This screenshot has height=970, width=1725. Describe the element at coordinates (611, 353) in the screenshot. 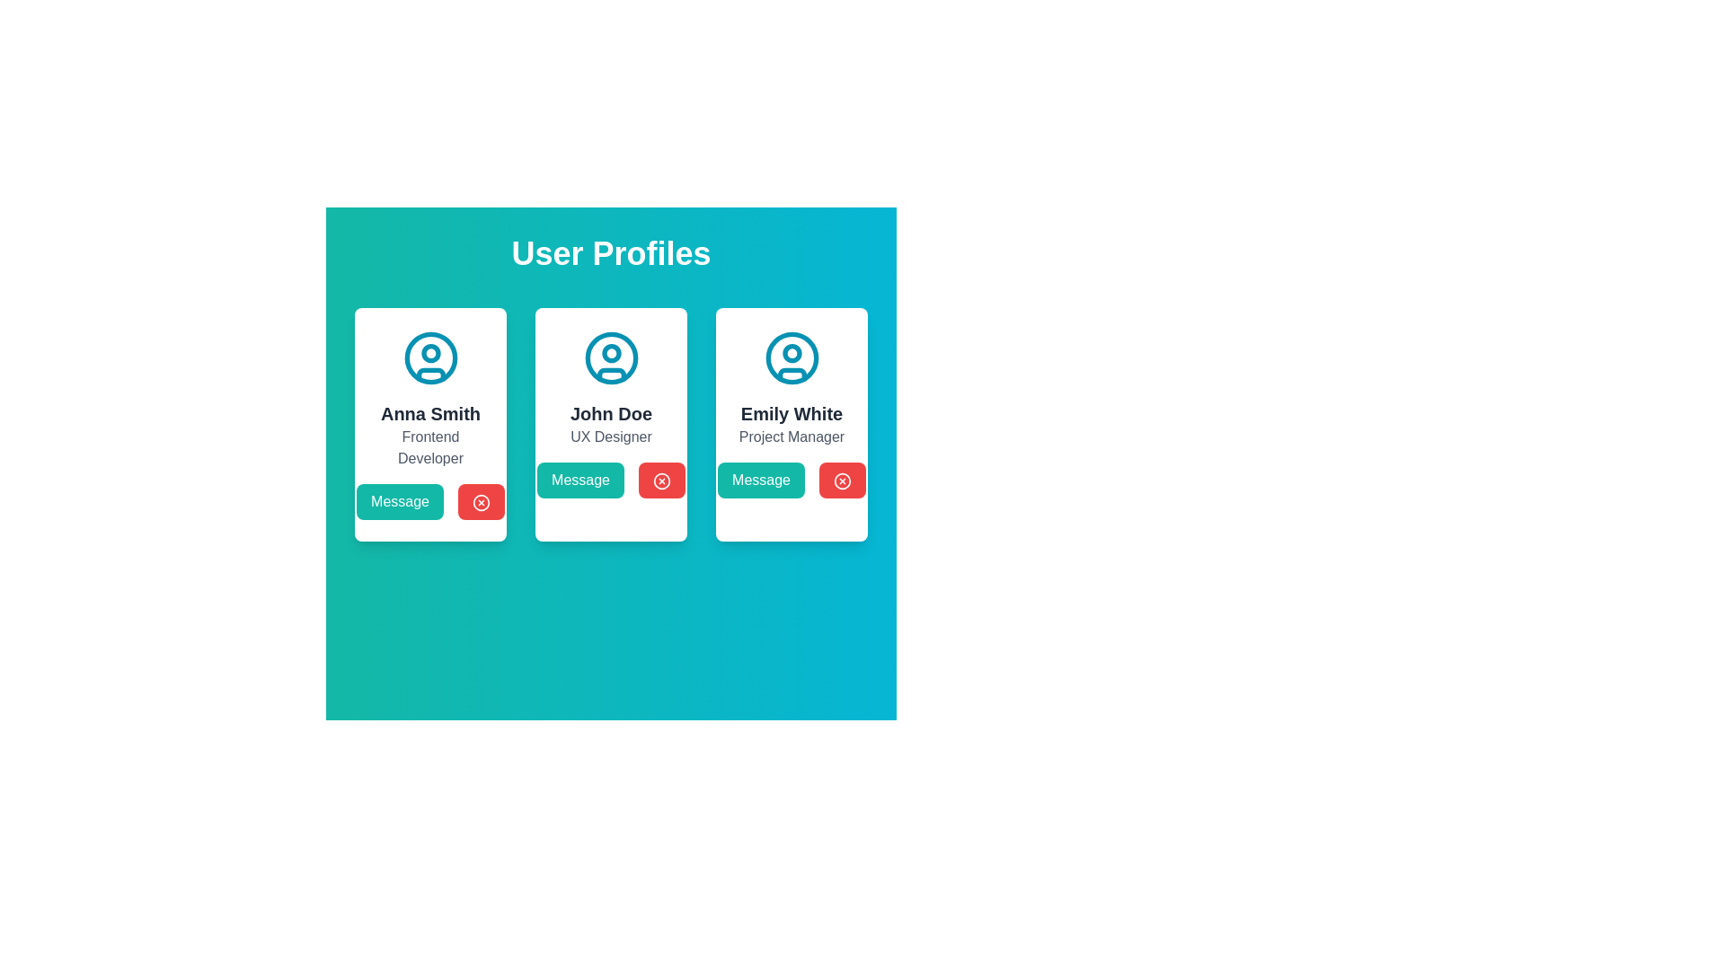

I see `the circular visual component located at the center of the avatar icon on the middle card, which indicates a specific state or additional information about the user` at that location.